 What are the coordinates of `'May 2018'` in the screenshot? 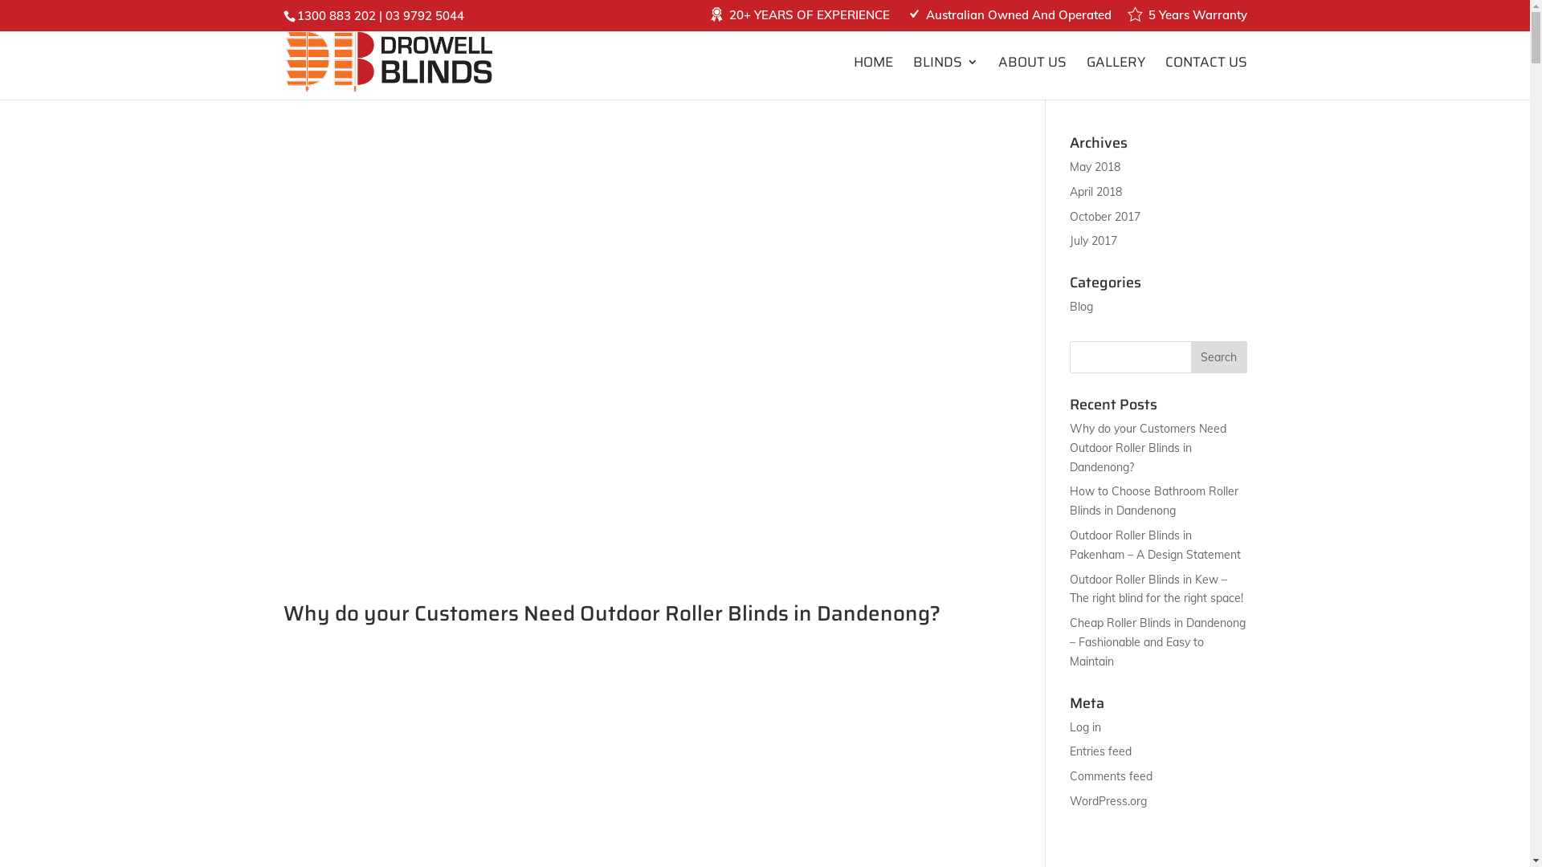 It's located at (1094, 167).